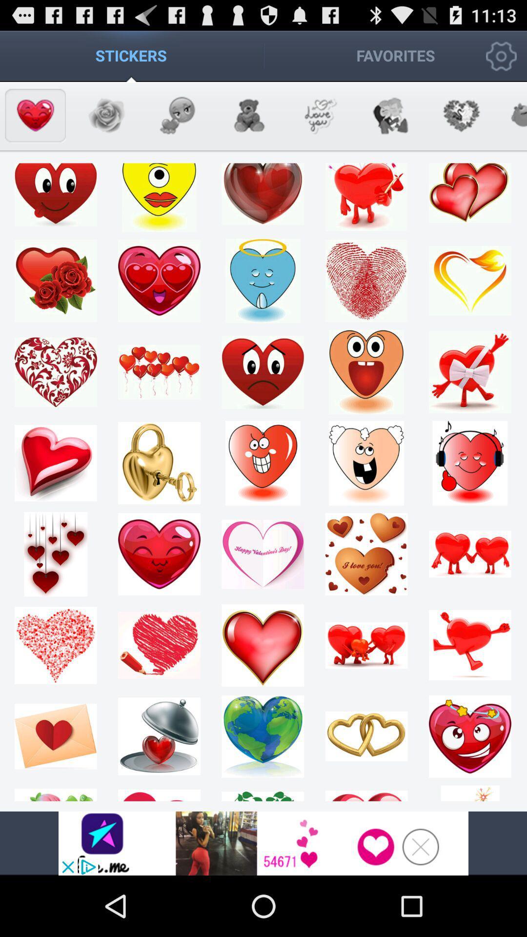 The height and width of the screenshot is (937, 527). I want to click on the settings icon, so click(461, 123).